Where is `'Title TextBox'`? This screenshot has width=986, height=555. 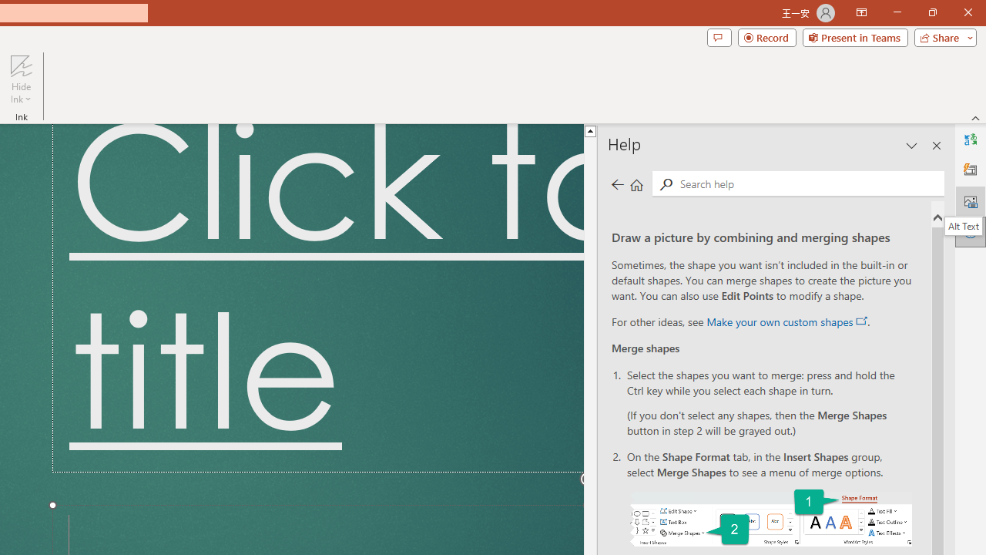 'Title TextBox' is located at coordinates (317, 298).